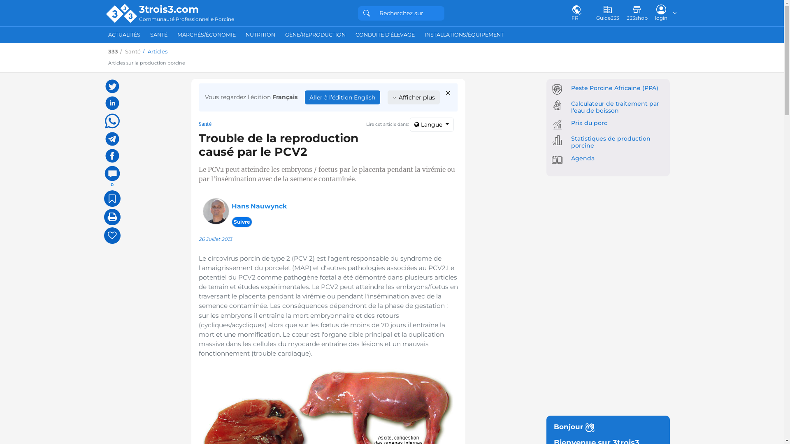 This screenshot has width=790, height=444. What do you see at coordinates (582, 158) in the screenshot?
I see `'Agenda'` at bounding box center [582, 158].